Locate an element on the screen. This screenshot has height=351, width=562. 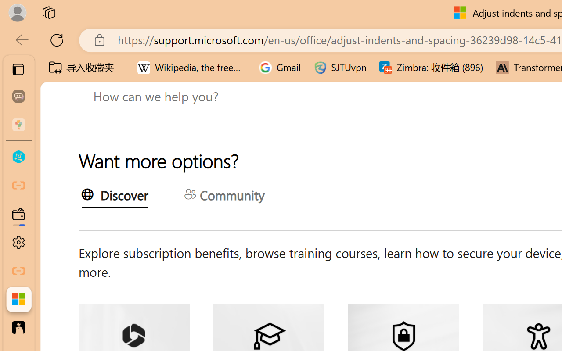
'Wikipedia, the free encyclopedia' is located at coordinates (191, 68).